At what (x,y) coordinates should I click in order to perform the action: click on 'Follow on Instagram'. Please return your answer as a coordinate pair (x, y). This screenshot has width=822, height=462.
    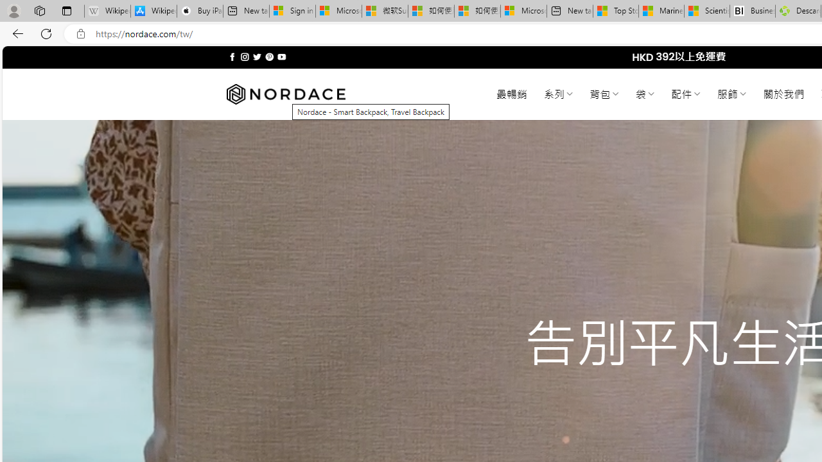
    Looking at the image, I should click on (245, 56).